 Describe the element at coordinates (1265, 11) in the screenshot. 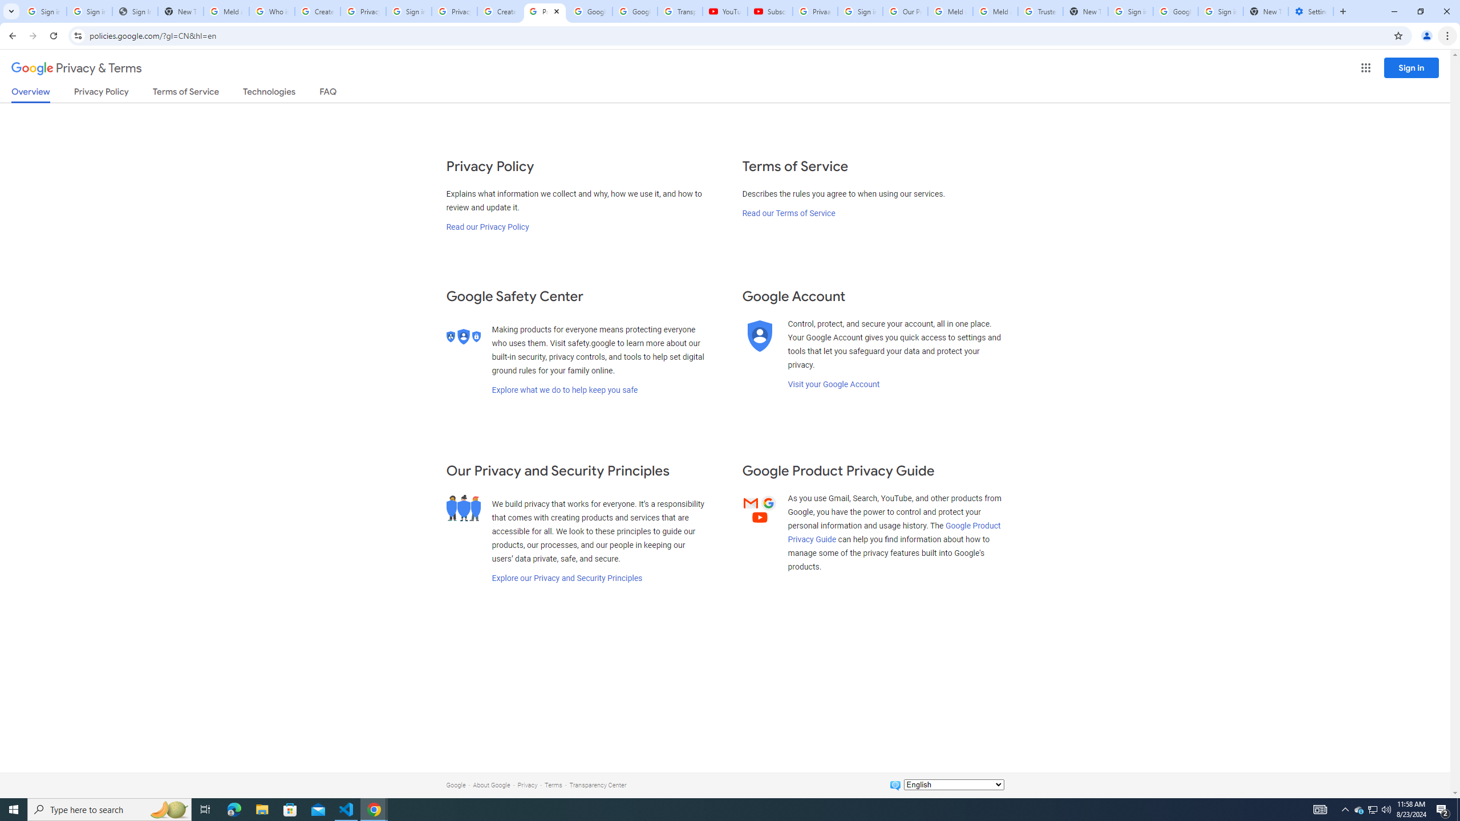

I see `'New Tab'` at that location.